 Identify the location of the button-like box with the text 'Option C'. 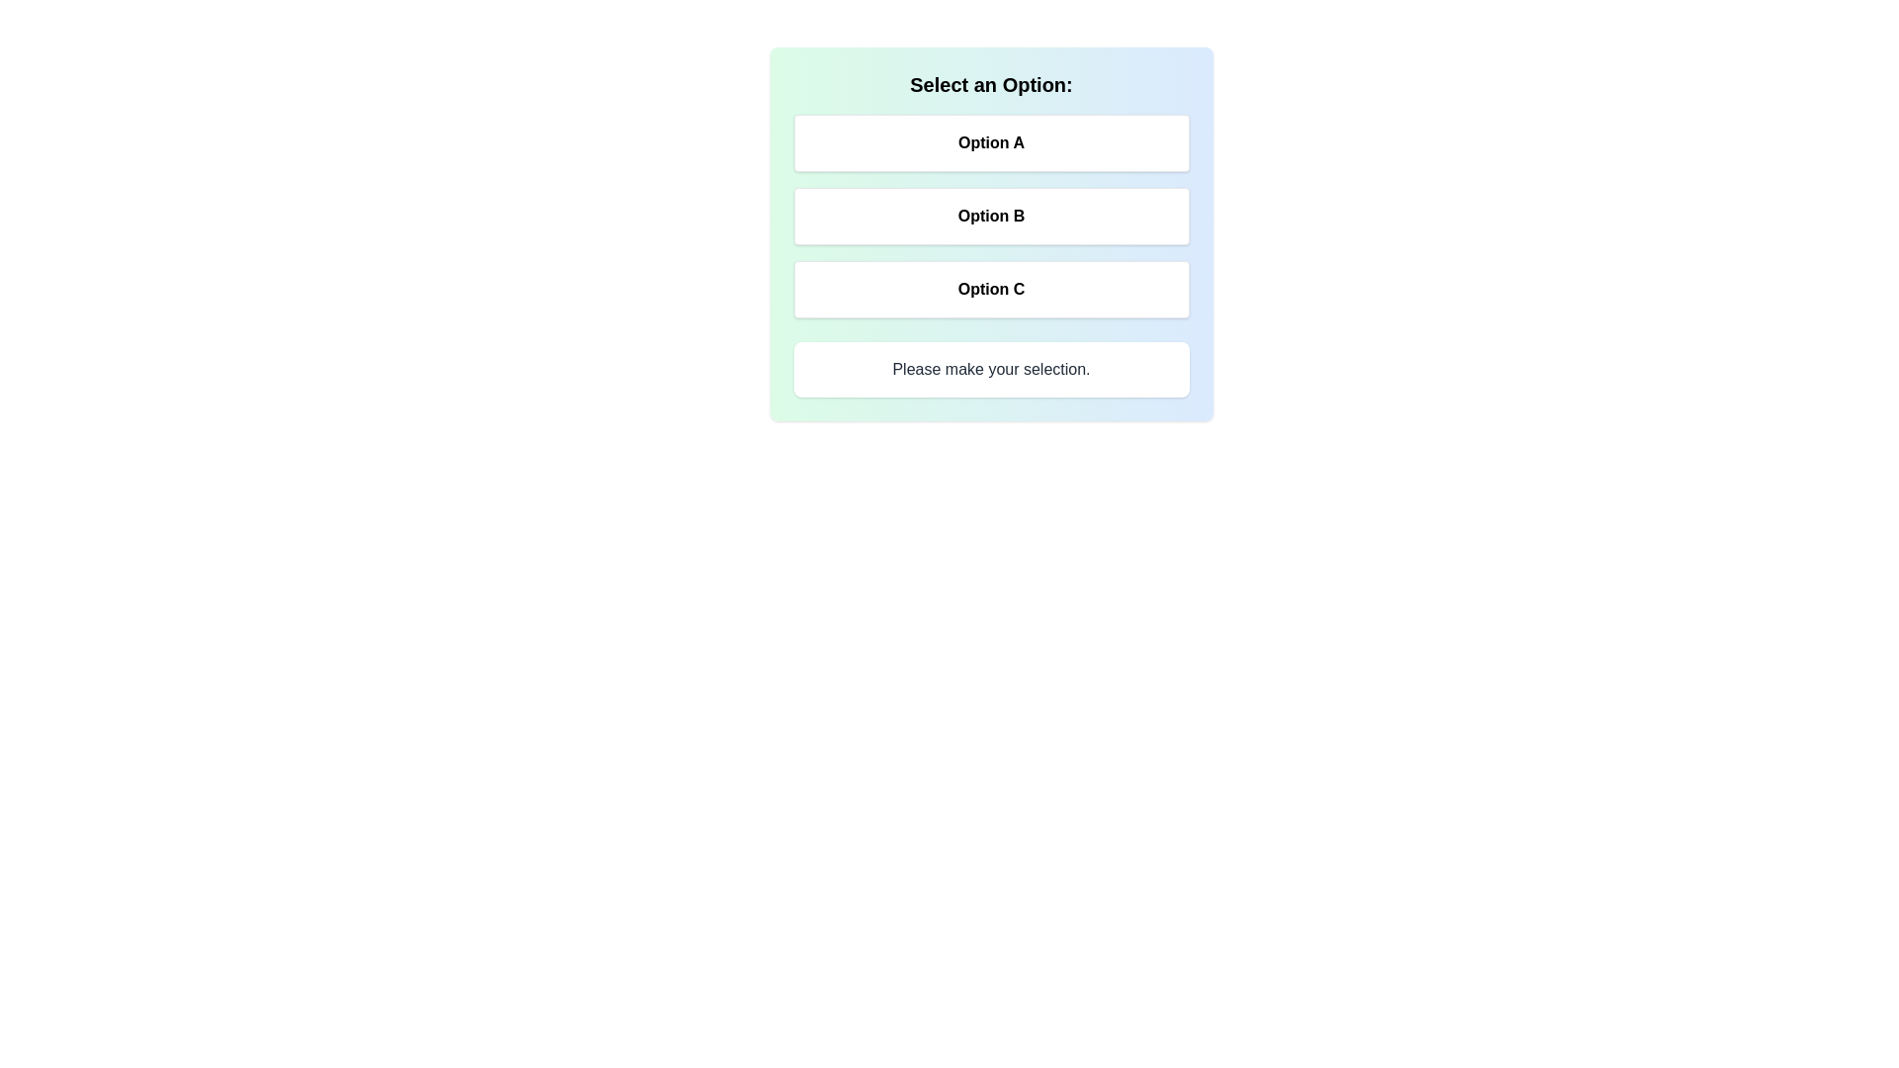
(991, 290).